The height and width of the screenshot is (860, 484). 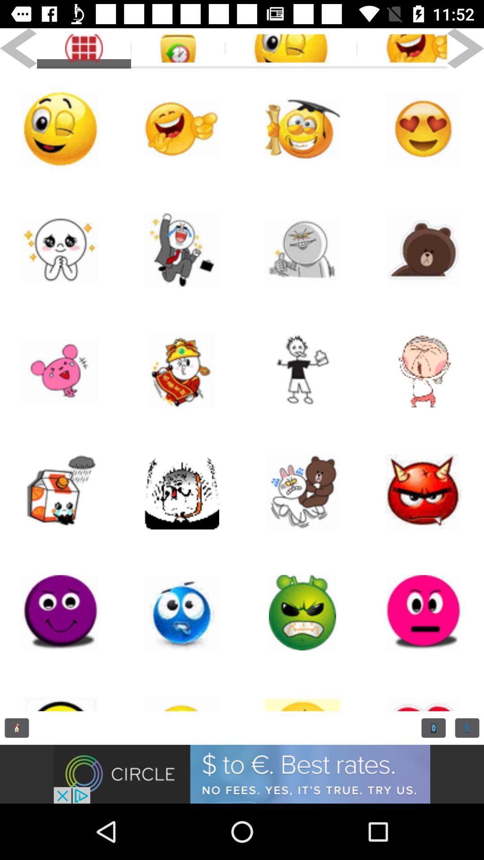 I want to click on funny simbol, so click(x=291, y=48).